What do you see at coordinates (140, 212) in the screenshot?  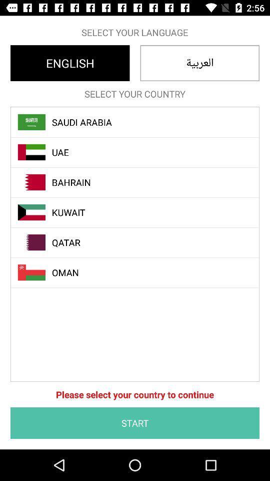 I see `kuwait item` at bounding box center [140, 212].